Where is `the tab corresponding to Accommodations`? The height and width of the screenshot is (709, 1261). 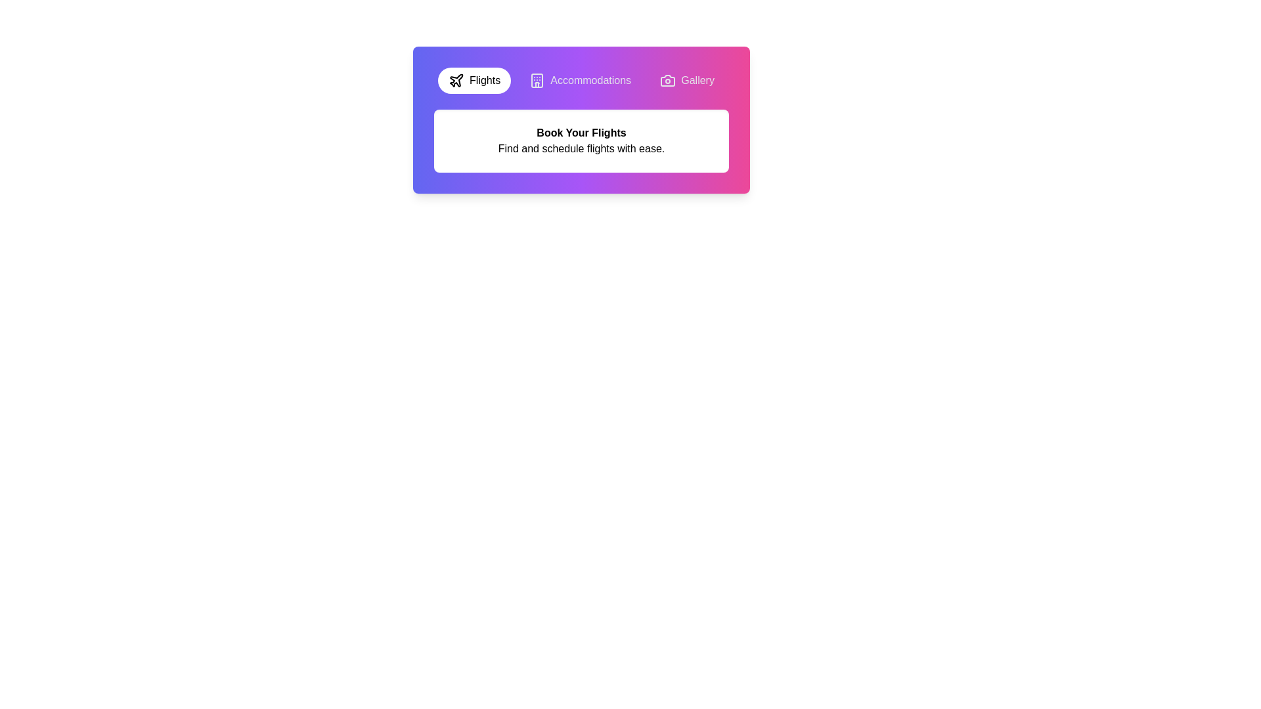
the tab corresponding to Accommodations is located at coordinates (579, 81).